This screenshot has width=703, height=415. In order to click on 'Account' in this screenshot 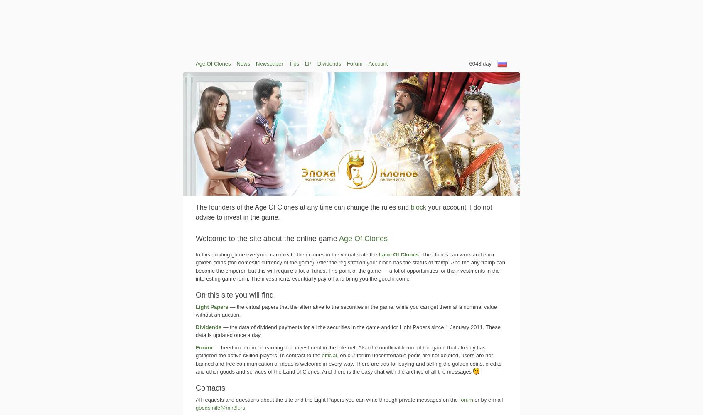, I will do `click(367, 63)`.